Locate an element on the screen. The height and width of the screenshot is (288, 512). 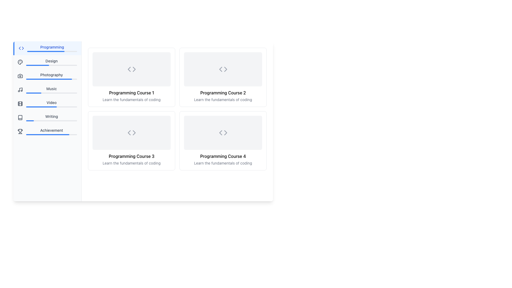
the title text of the second programming course displayed in the upper row, second card of the grid layout is located at coordinates (223, 92).